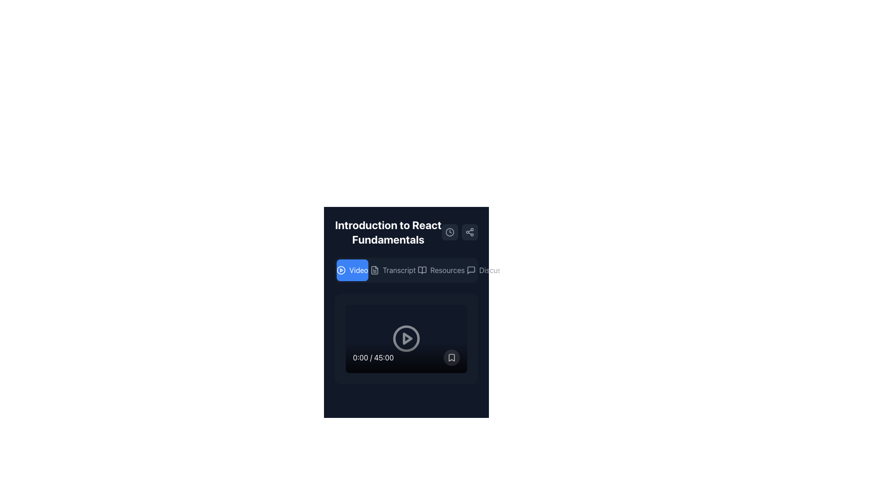 This screenshot has width=870, height=489. What do you see at coordinates (452, 357) in the screenshot?
I see `the bookmark icon located near the bottom-right corner of the video playback section` at bounding box center [452, 357].